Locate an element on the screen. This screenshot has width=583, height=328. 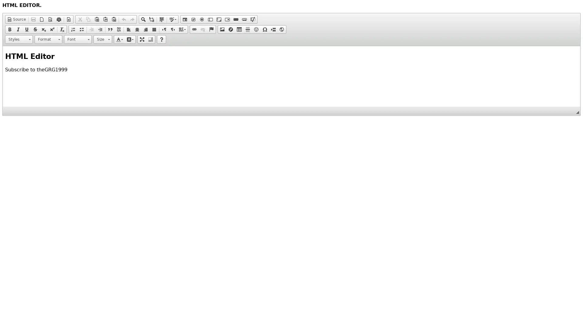
Checkbox is located at coordinates (193, 19).